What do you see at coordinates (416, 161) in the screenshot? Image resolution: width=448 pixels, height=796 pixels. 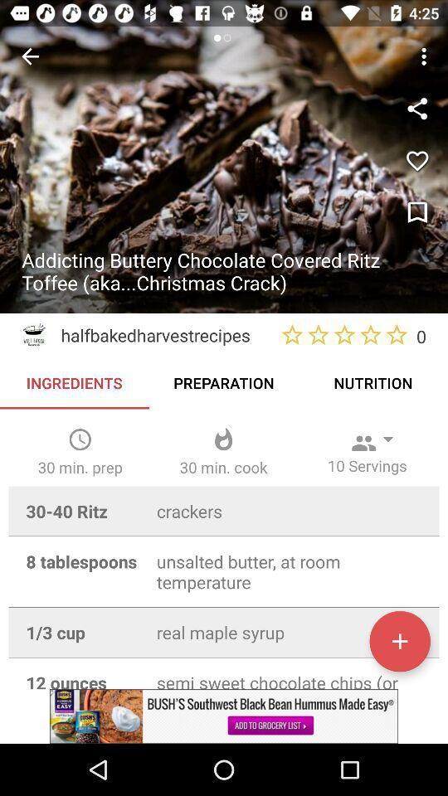 I see `the favorite icon` at bounding box center [416, 161].